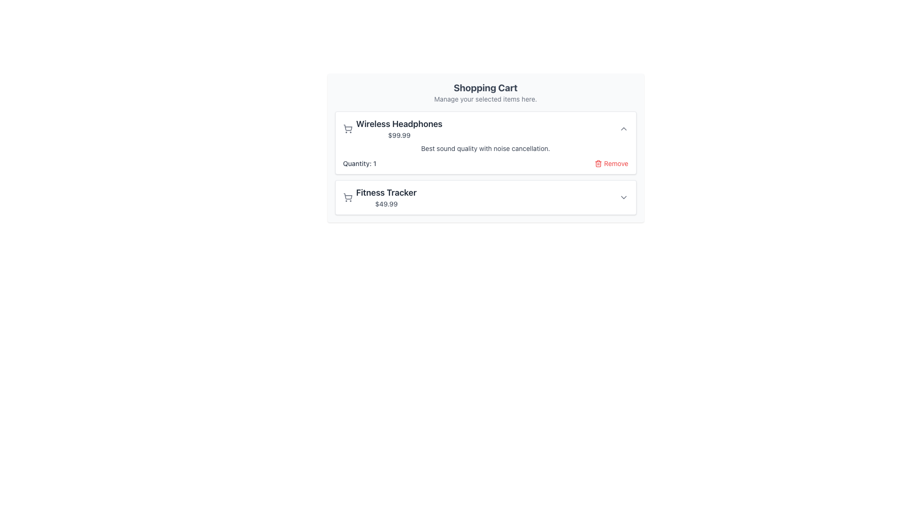 This screenshot has width=904, height=508. I want to click on the shopping cart icon located to the left of the text 'Fitness Tracker' and '$49.99' in the second item of the shopping cart list, so click(347, 197).